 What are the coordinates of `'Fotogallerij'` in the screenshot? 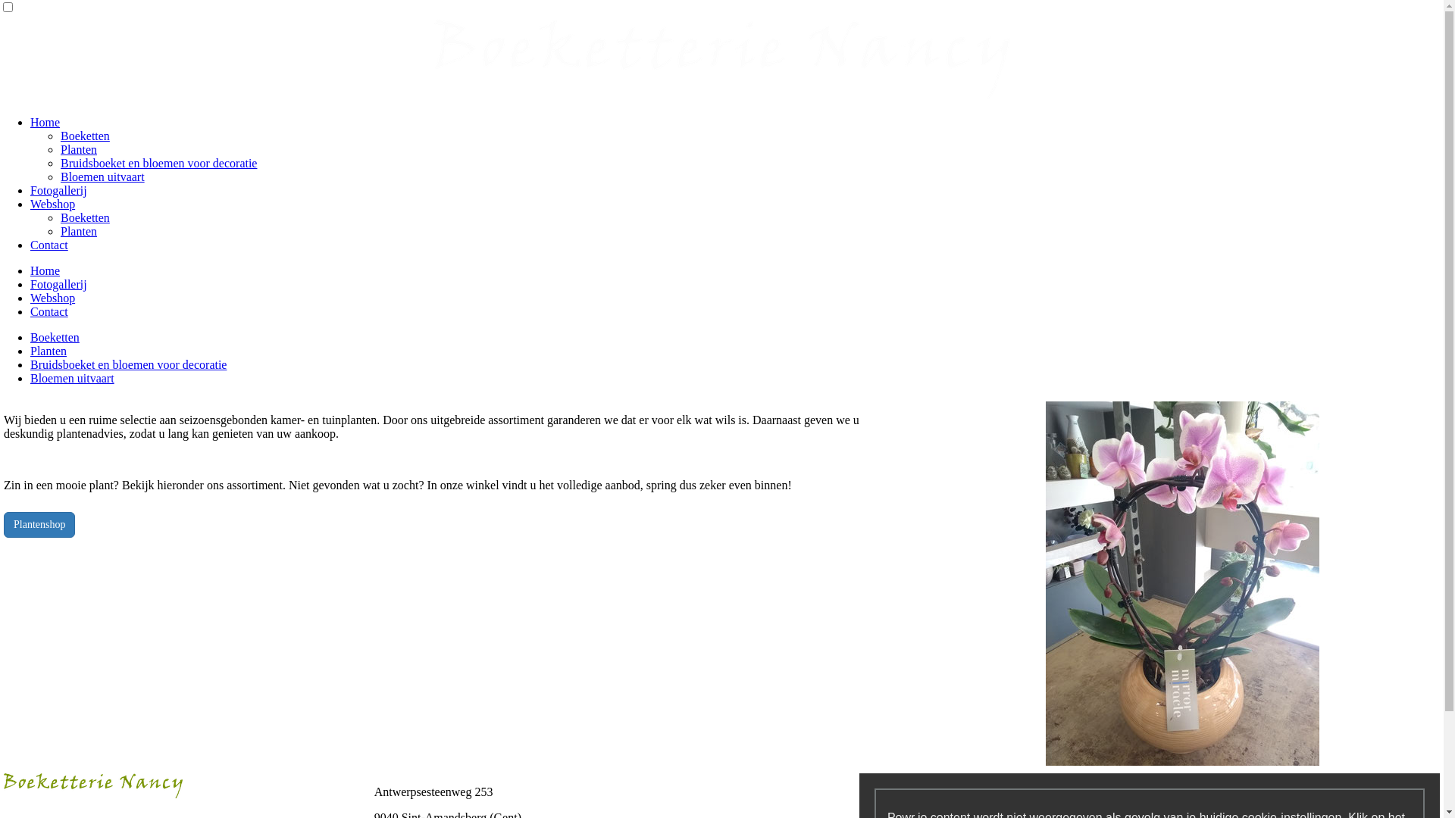 It's located at (58, 284).